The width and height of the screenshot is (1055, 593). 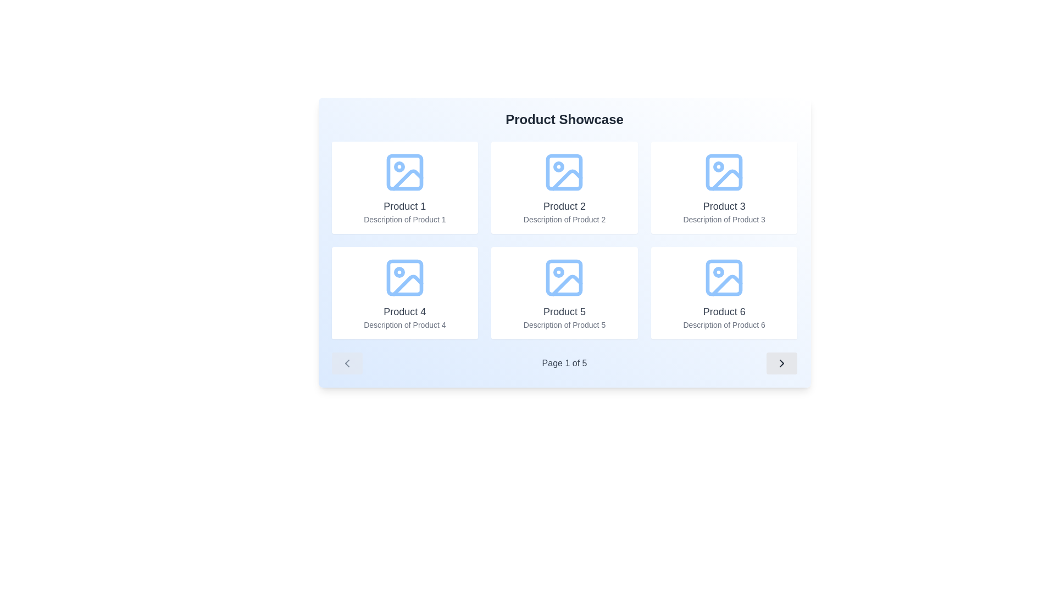 I want to click on the top-left image placeholder icon representing 'Product 1' in the grid below the 'Product Showcase' title, so click(x=404, y=172).